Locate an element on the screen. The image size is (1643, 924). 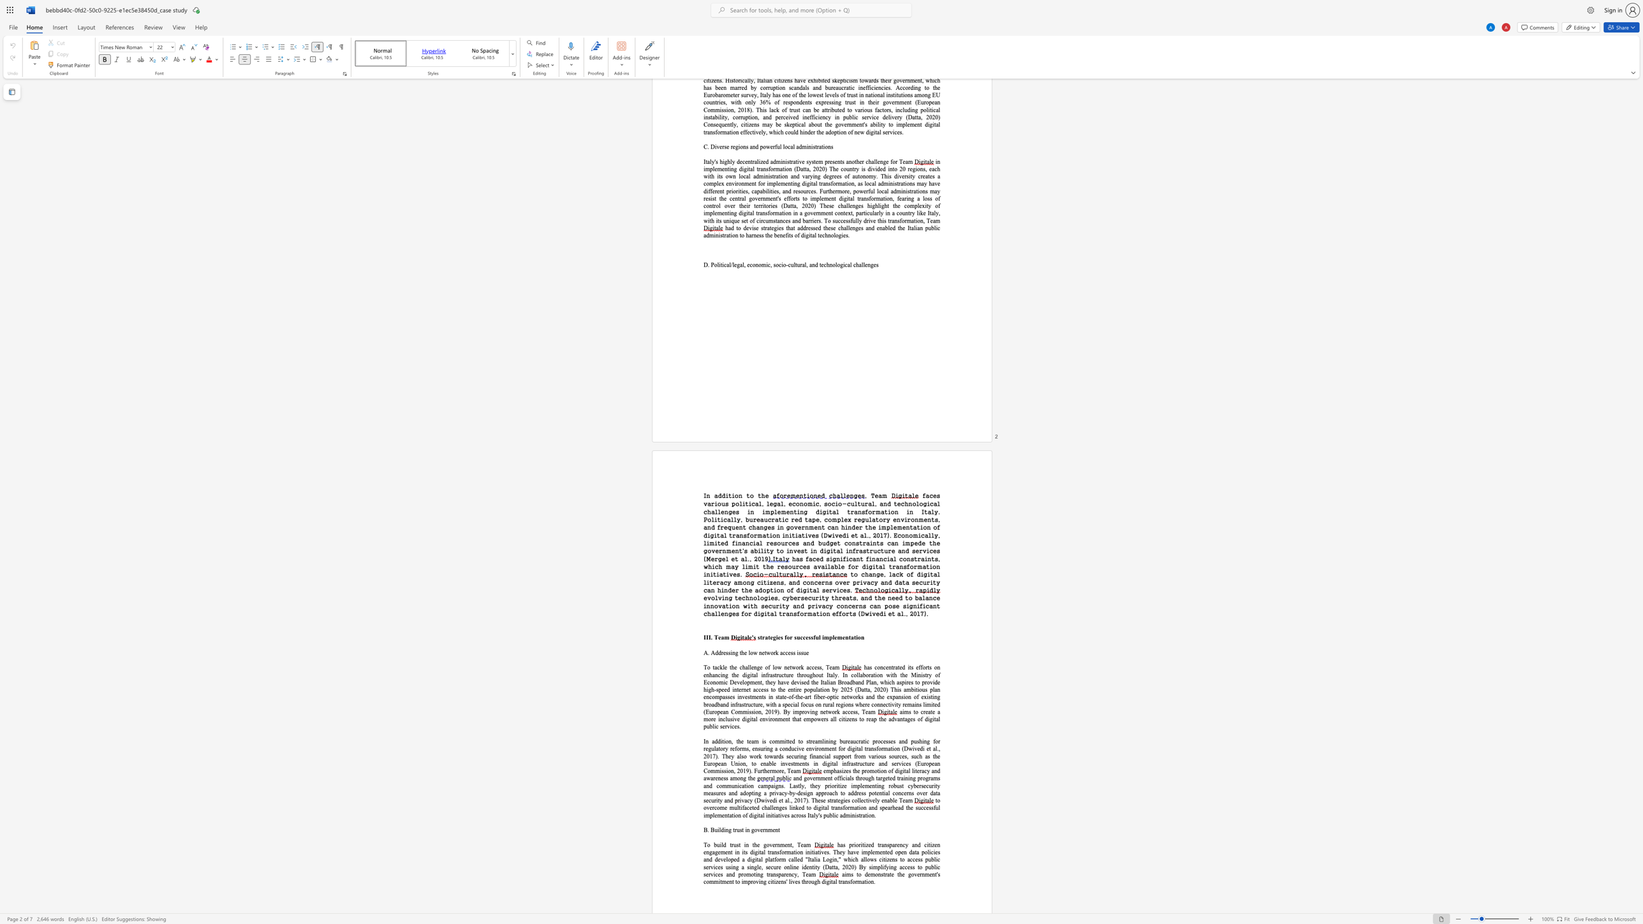
the subset text ". Team" within the text "III. Team" is located at coordinates (711, 636).